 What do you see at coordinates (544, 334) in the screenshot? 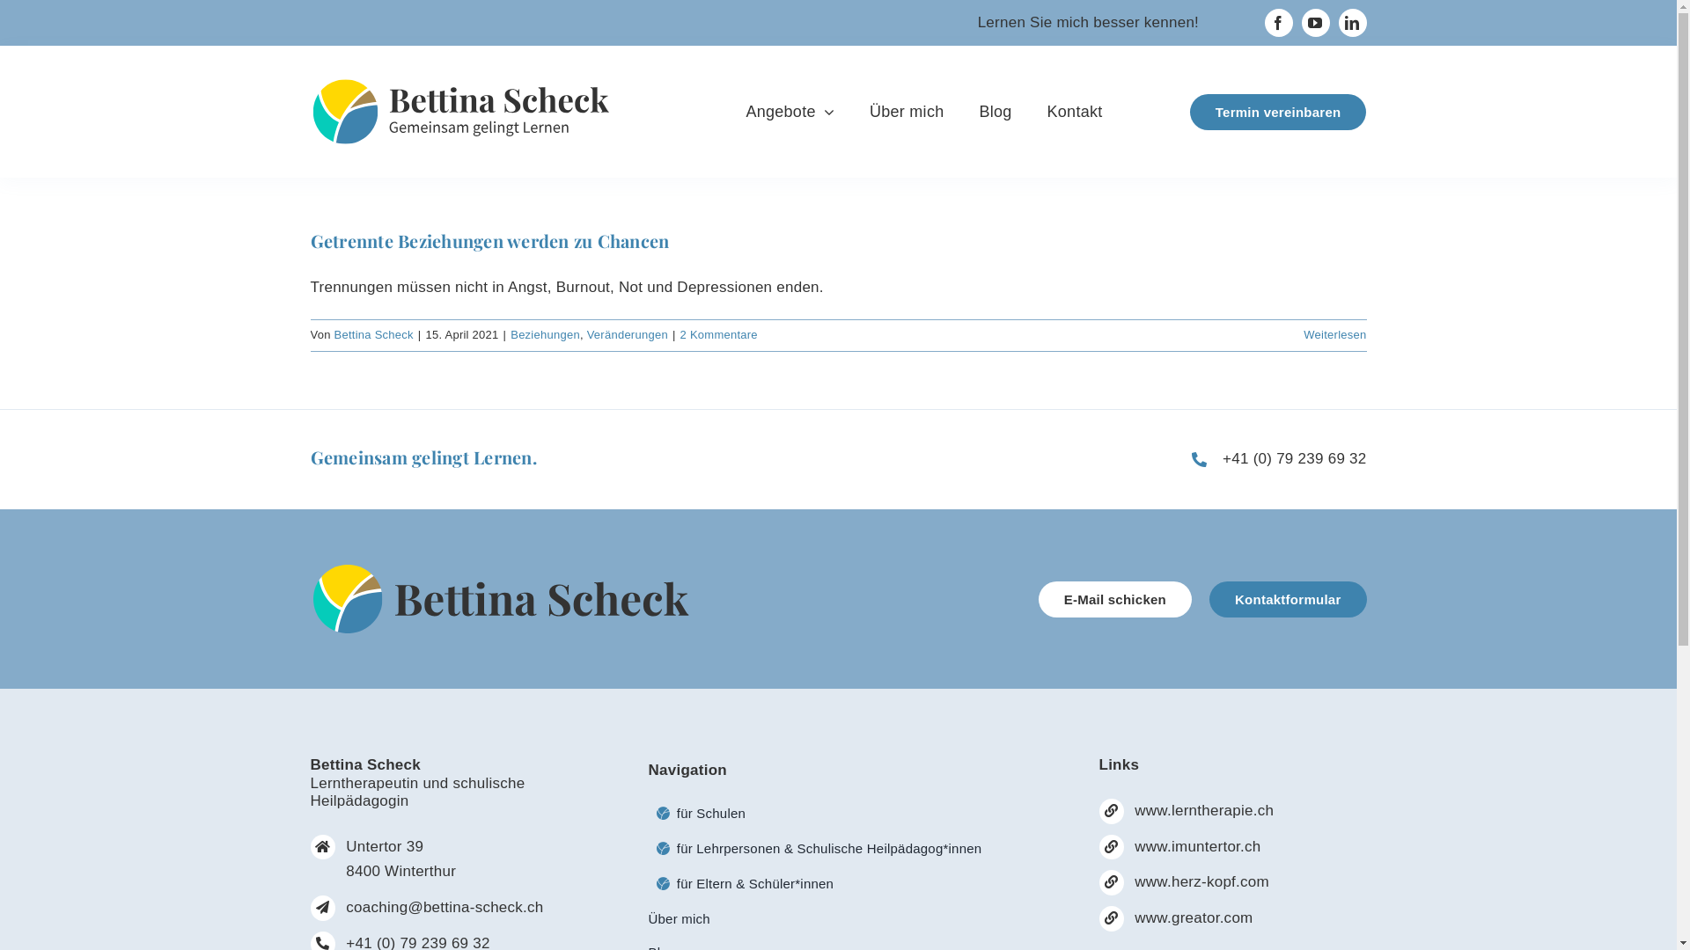
I see `'Beziehungen'` at bounding box center [544, 334].